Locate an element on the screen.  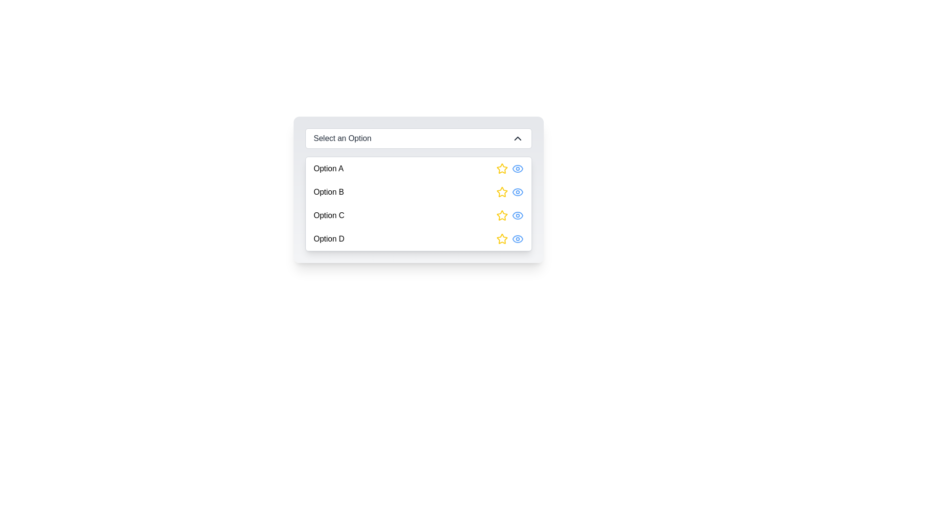
the text label that identifies the first selectable option in the dropdown, located to the left of the star and eye icons is located at coordinates (328, 168).